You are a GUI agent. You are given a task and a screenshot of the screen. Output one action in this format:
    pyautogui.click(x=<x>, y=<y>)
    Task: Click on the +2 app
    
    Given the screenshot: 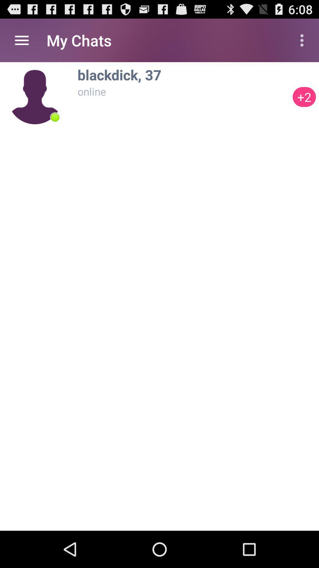 What is the action you would take?
    pyautogui.click(x=304, y=97)
    